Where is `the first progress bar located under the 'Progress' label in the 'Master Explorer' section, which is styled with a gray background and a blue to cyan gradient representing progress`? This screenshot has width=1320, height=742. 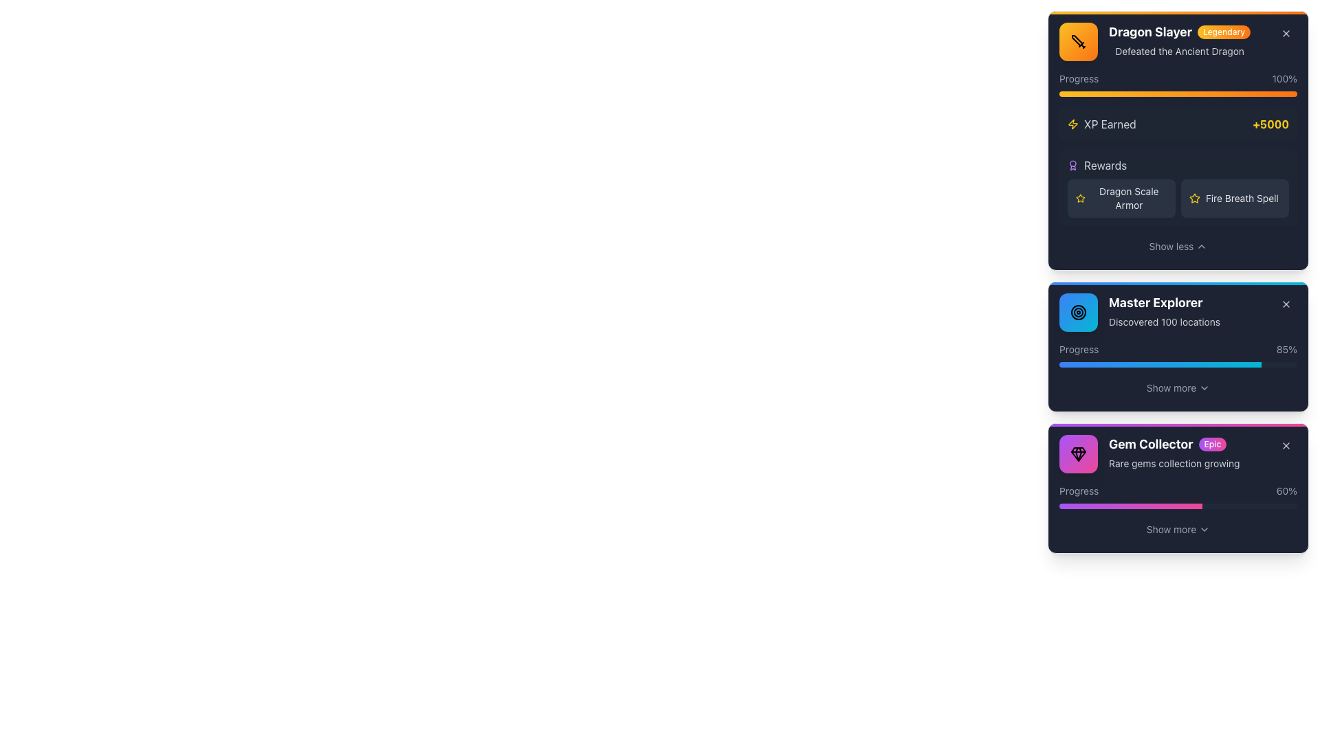 the first progress bar located under the 'Progress' label in the 'Master Explorer' section, which is styled with a gray background and a blue to cyan gradient representing progress is located at coordinates (1177, 364).